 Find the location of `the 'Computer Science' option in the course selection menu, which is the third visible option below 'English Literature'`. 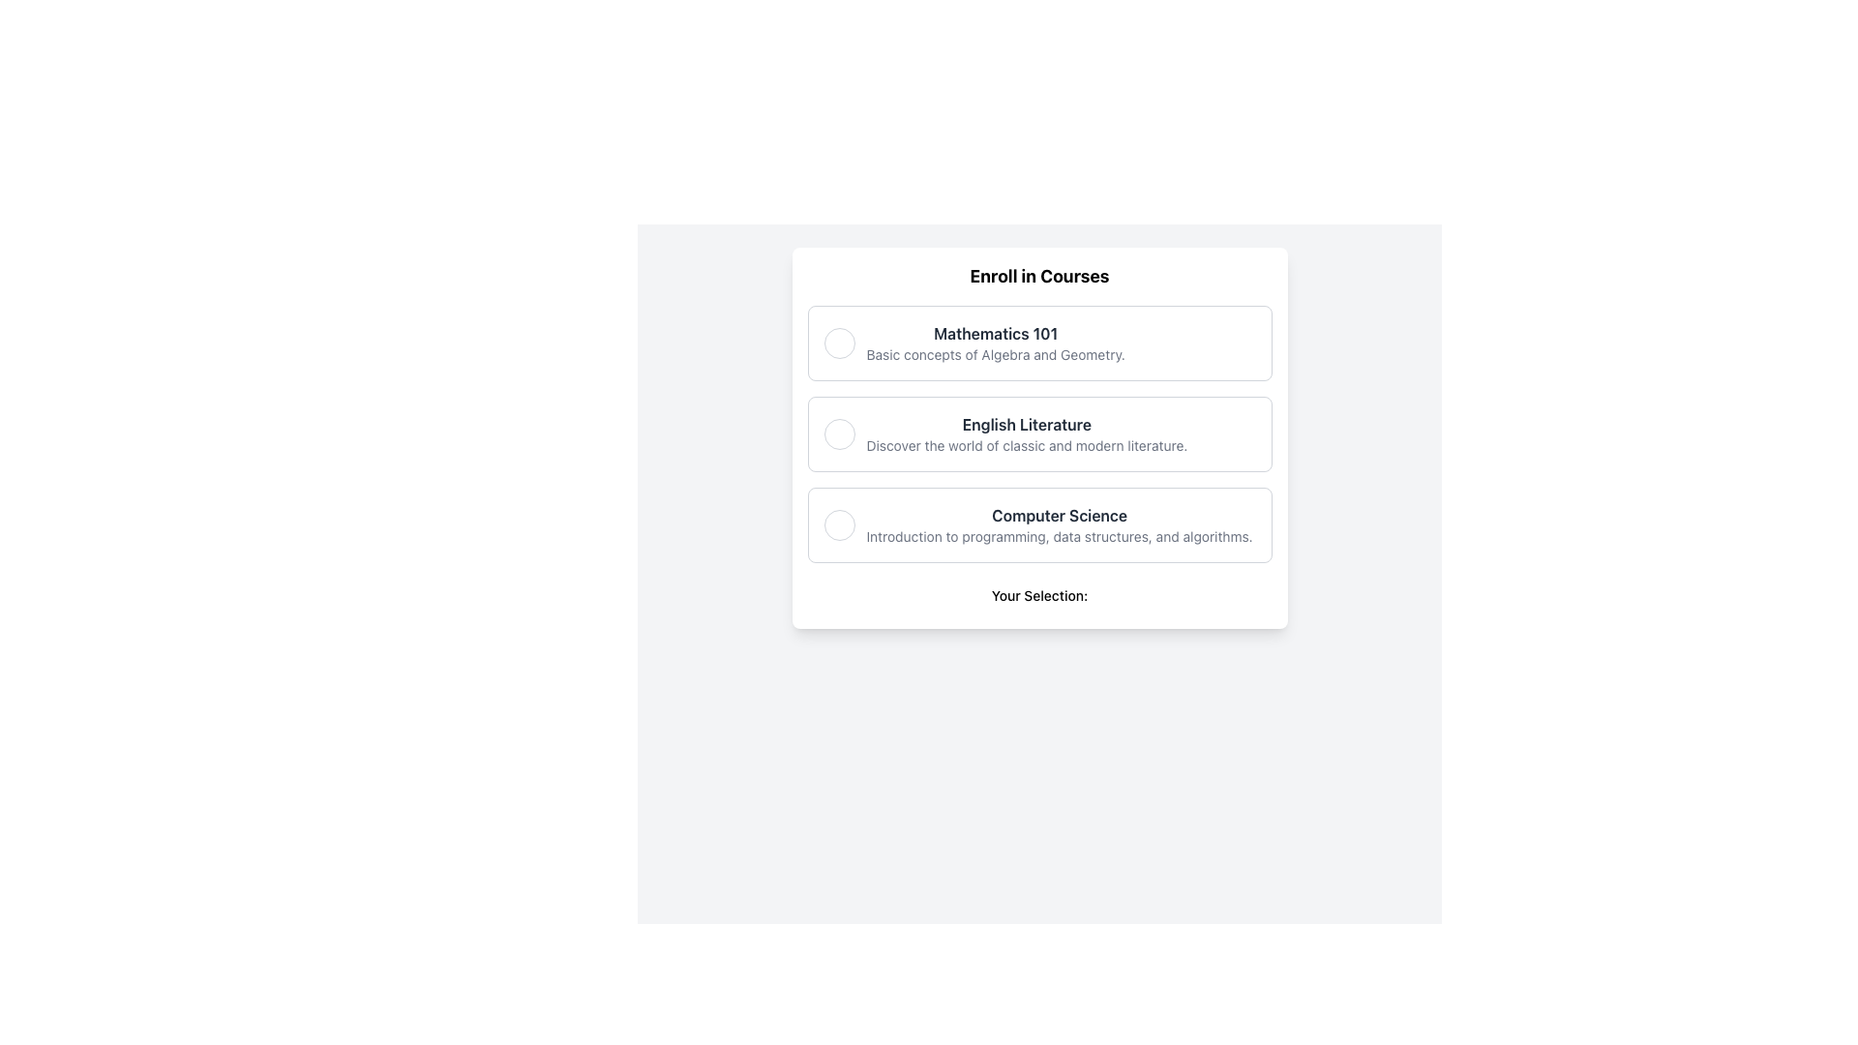

the 'Computer Science' option in the course selection menu, which is the third visible option below 'English Literature' is located at coordinates (1058, 525).